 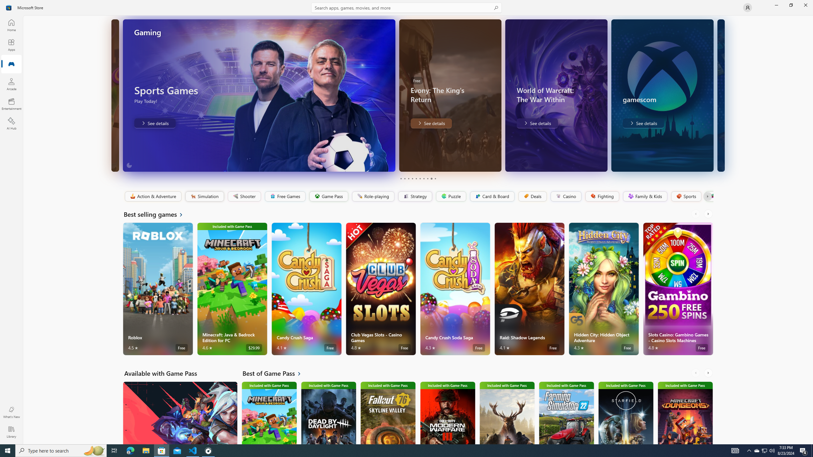 What do you see at coordinates (709, 196) in the screenshot?
I see `'Platformer'` at bounding box center [709, 196].